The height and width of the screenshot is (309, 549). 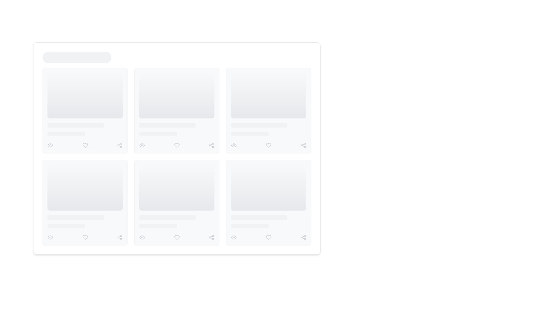 I want to click on the last card element in the grid layout, which has a light gray background and contains an image placeholder and three icons (eye, heart, share), so click(x=268, y=202).